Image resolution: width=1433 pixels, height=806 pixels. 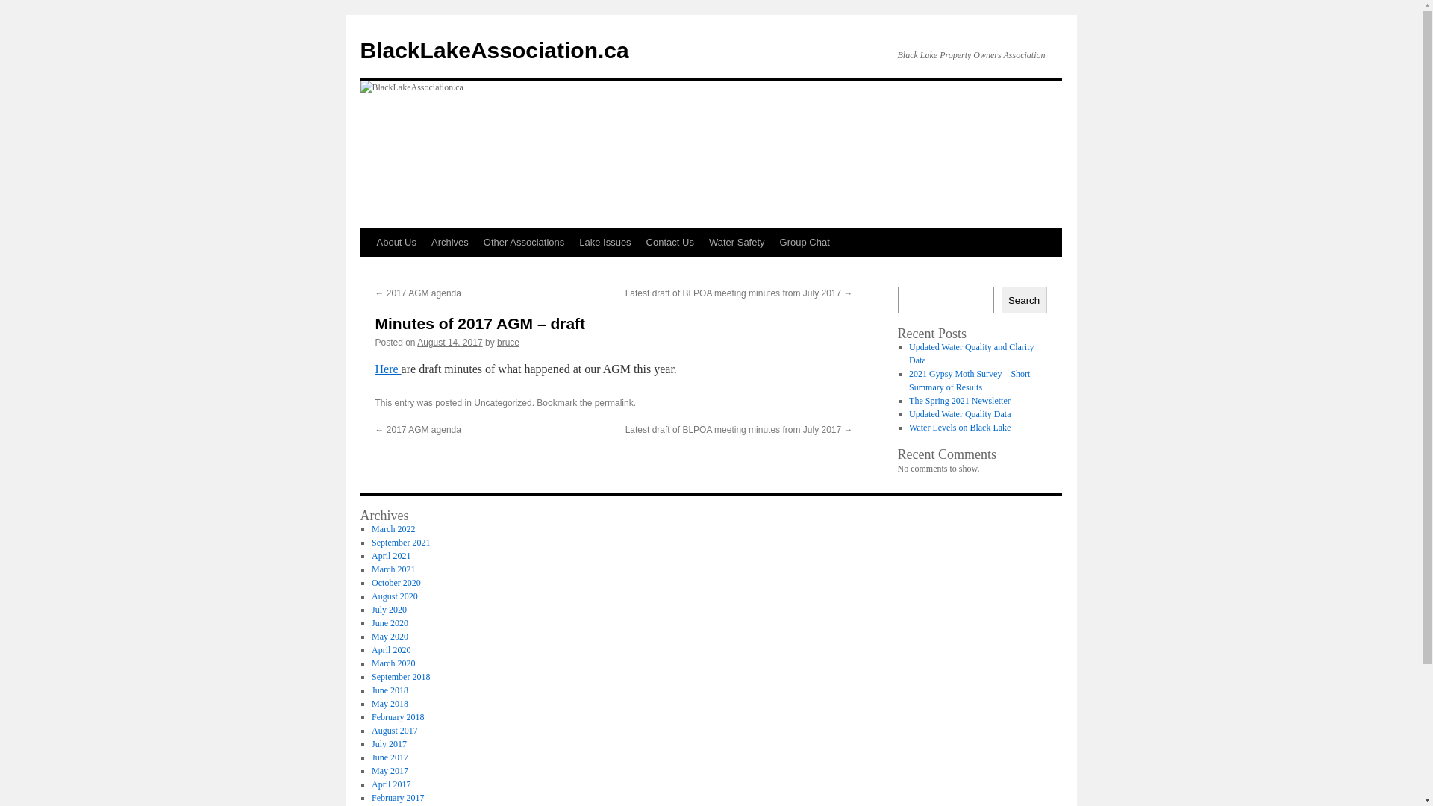 I want to click on 'August 14, 2017', so click(x=449, y=343).